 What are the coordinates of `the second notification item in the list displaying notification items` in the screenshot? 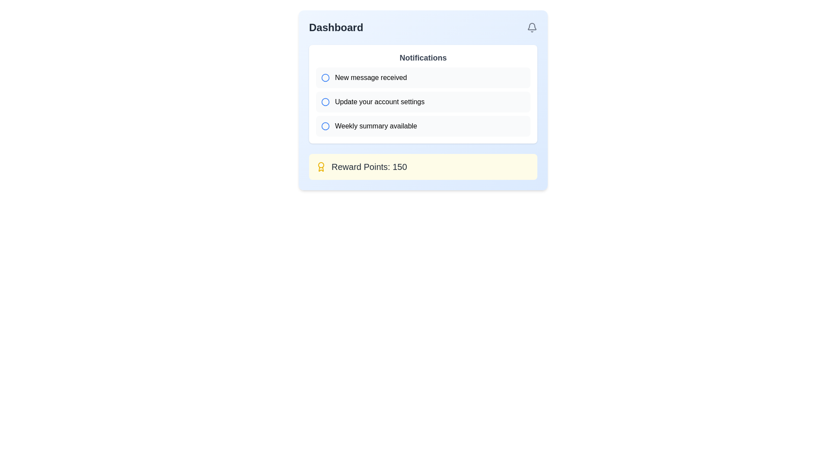 It's located at (423, 101).